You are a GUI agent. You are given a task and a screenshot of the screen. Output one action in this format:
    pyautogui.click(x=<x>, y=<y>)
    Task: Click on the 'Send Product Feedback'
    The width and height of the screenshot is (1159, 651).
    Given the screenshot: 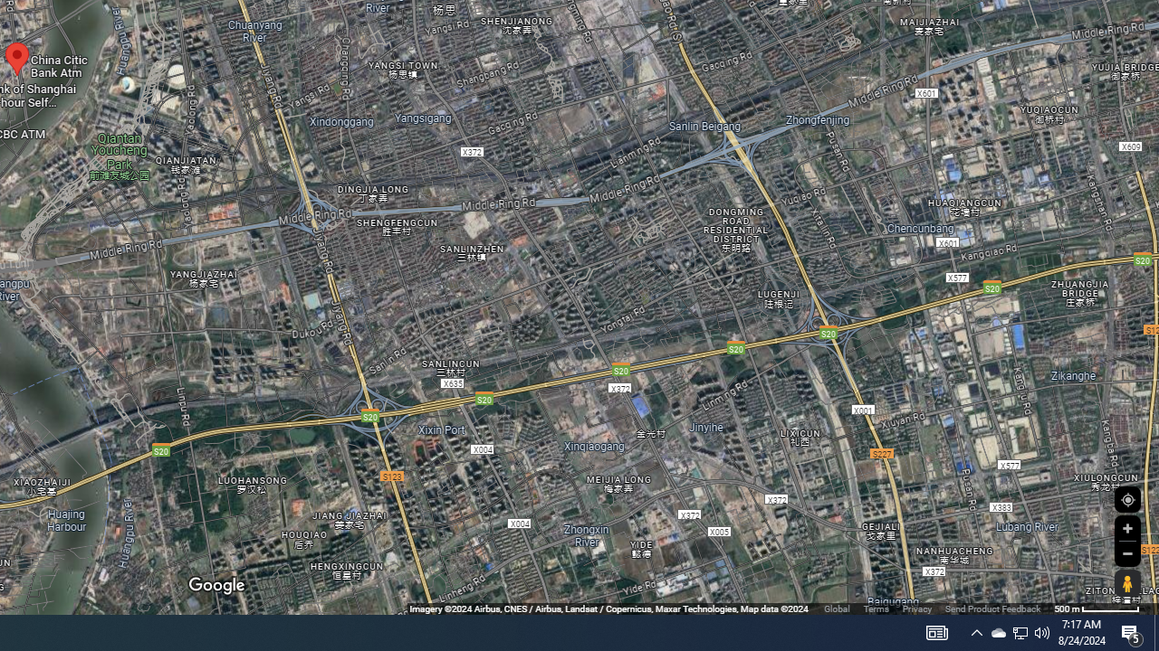 What is the action you would take?
    pyautogui.click(x=991, y=609)
    